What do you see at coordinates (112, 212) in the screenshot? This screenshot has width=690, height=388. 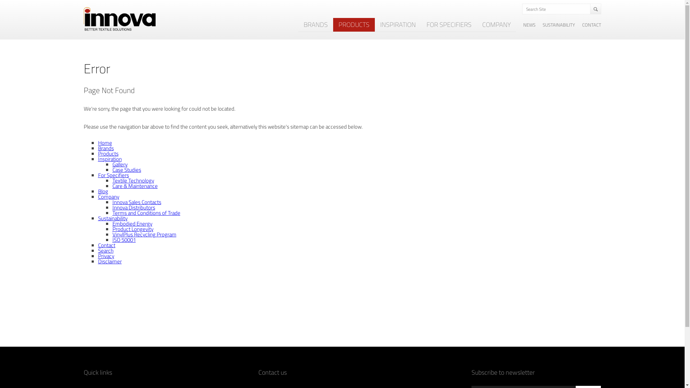 I see `'Terms and Conditions of Trade'` at bounding box center [112, 212].